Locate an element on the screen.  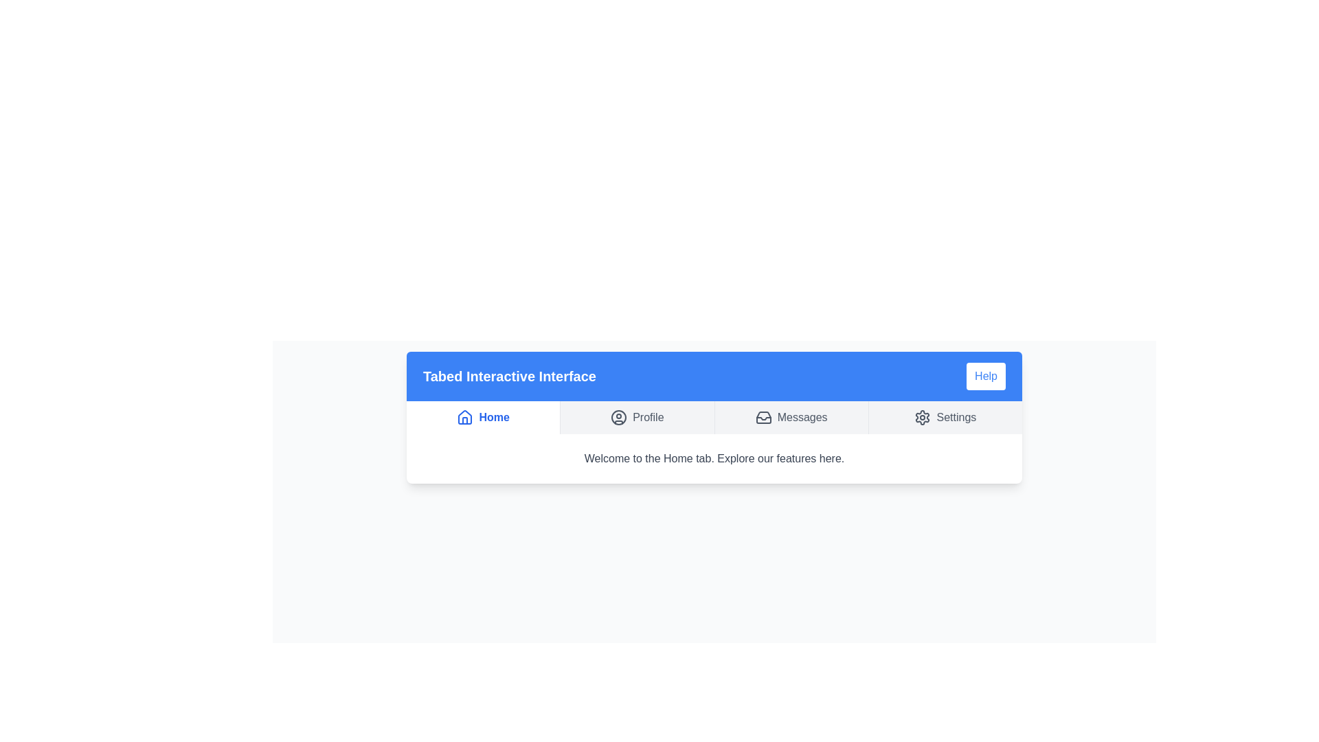
the 'Home' text label within the navigation button to trigger hover effects is located at coordinates (483, 417).